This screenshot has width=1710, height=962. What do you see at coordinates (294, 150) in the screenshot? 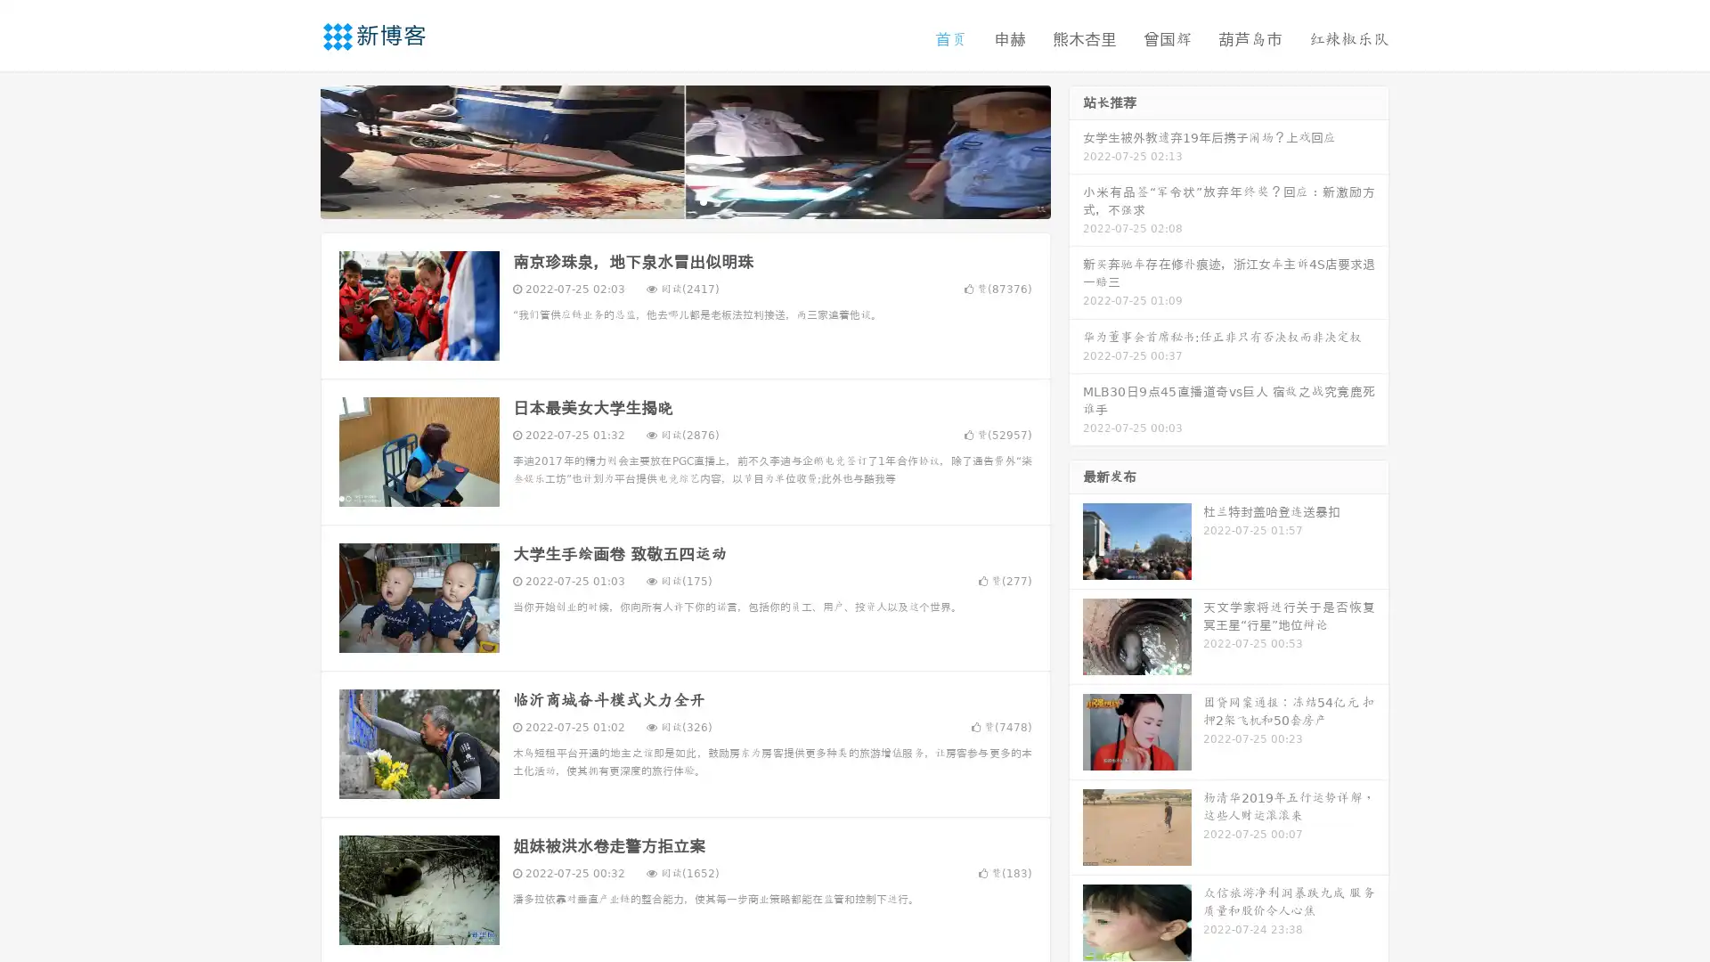
I see `Previous slide` at bounding box center [294, 150].